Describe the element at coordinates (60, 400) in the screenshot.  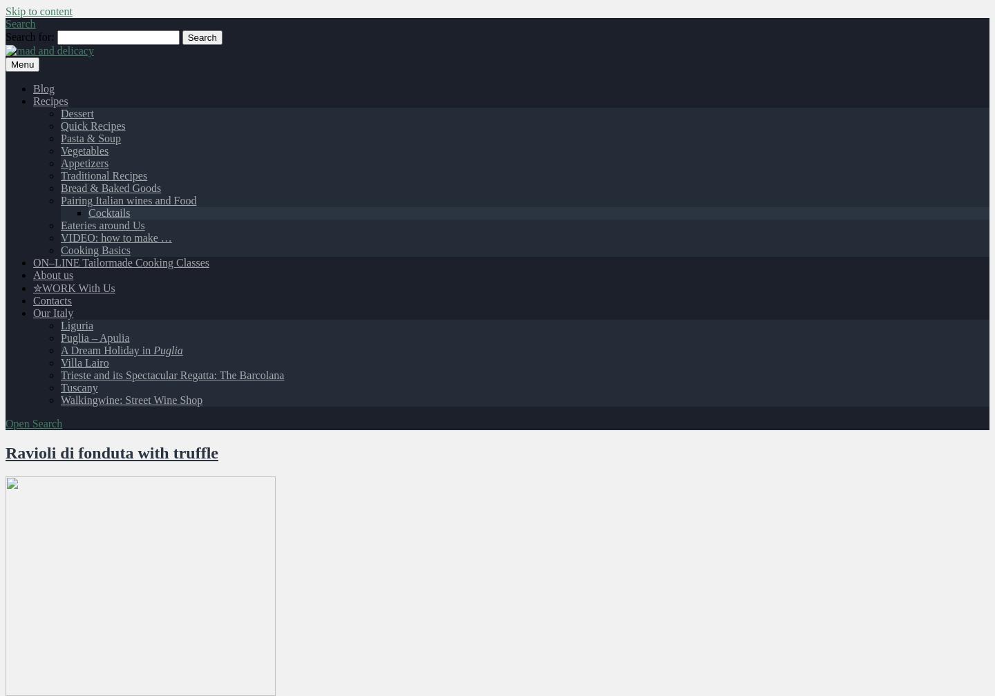
I see `'Walkingwine: Street Wine Shop'` at that location.